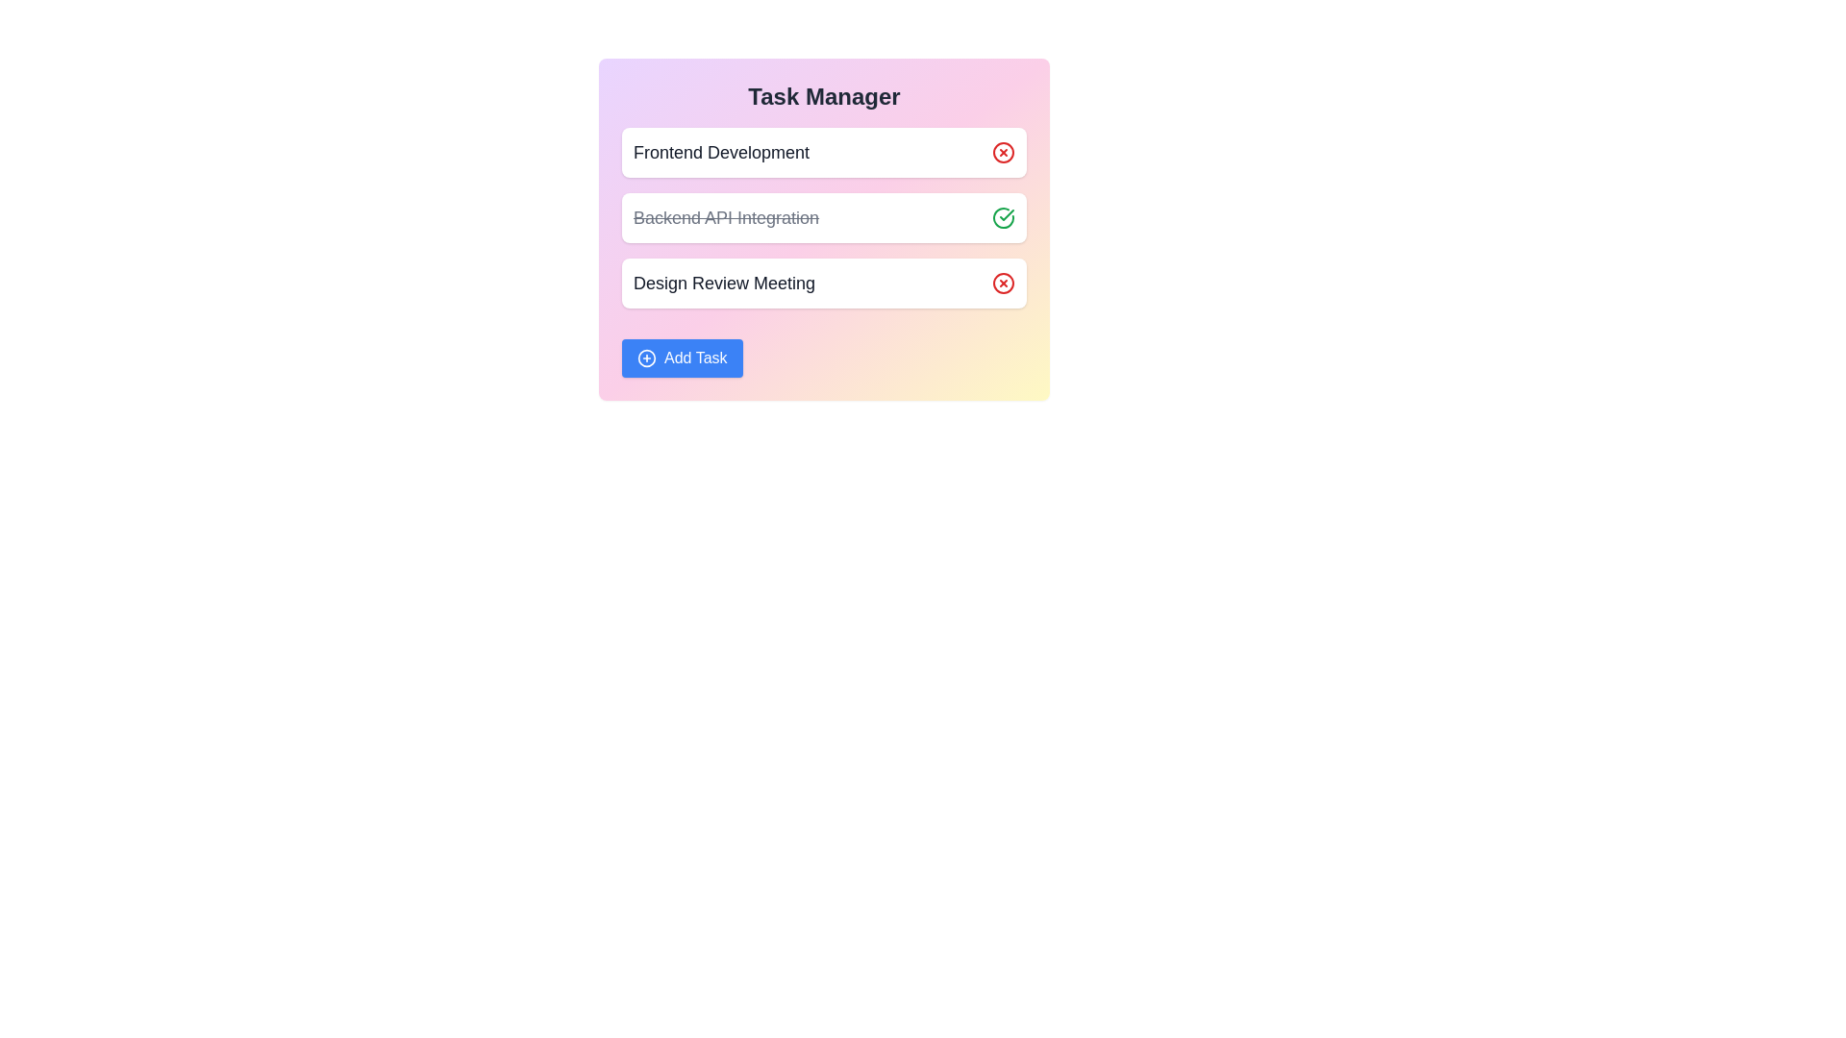  What do you see at coordinates (1002, 217) in the screenshot?
I see `the checkmark icon next to the 'Backend API Integration' task to indicate its completion` at bounding box center [1002, 217].